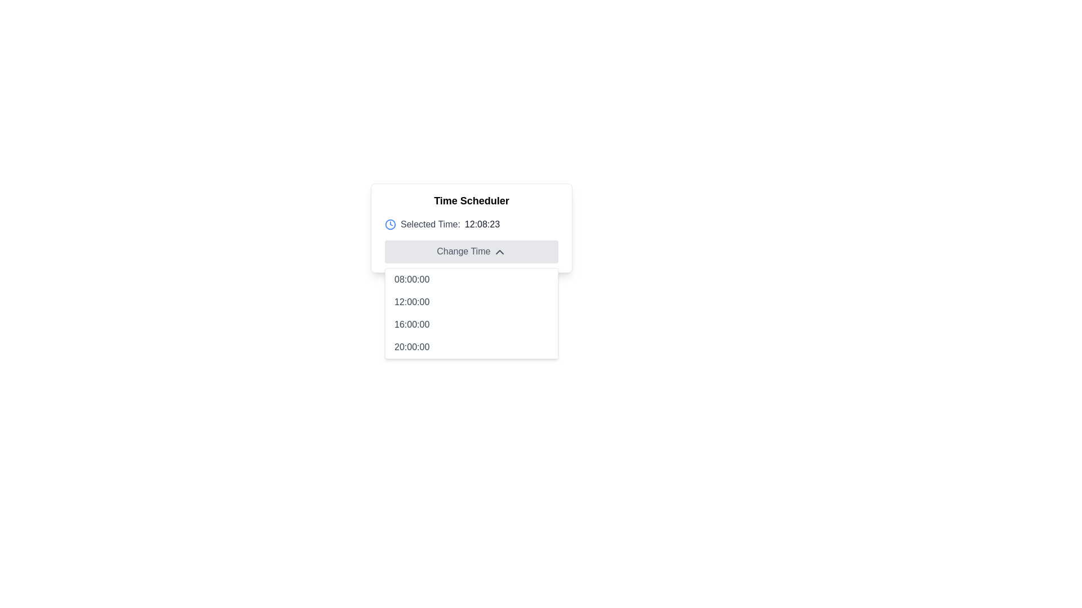 The height and width of the screenshot is (608, 1082). What do you see at coordinates (471, 301) in the screenshot?
I see `the selectable list item displaying '12:00:00' in a dark gray font within the dropdown menu` at bounding box center [471, 301].